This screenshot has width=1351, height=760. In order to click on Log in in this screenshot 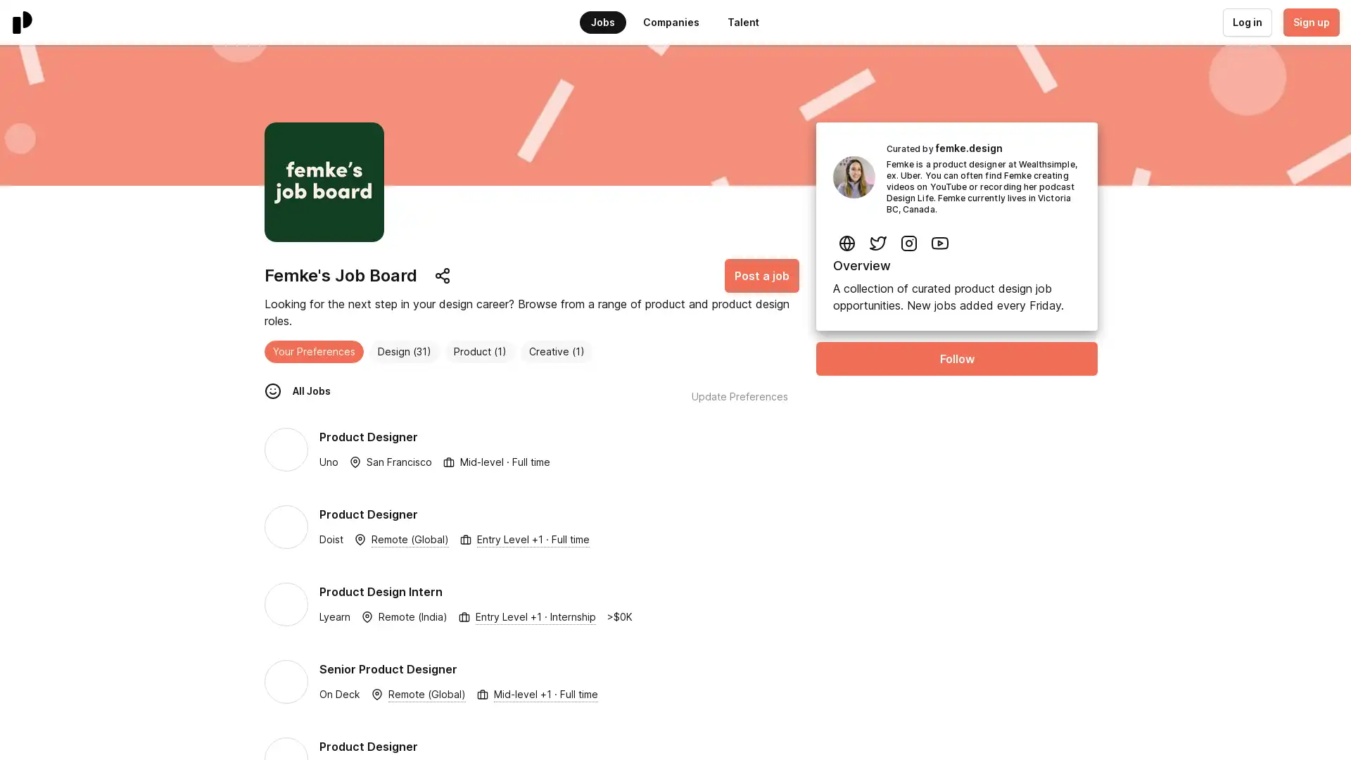, I will do `click(1246, 22)`.